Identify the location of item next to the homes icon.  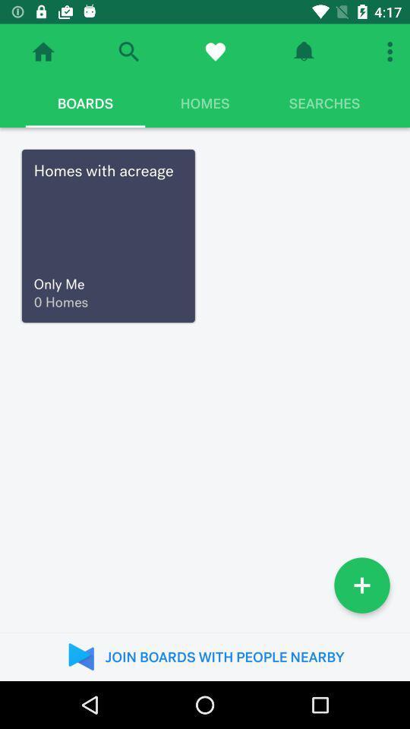
(323, 103).